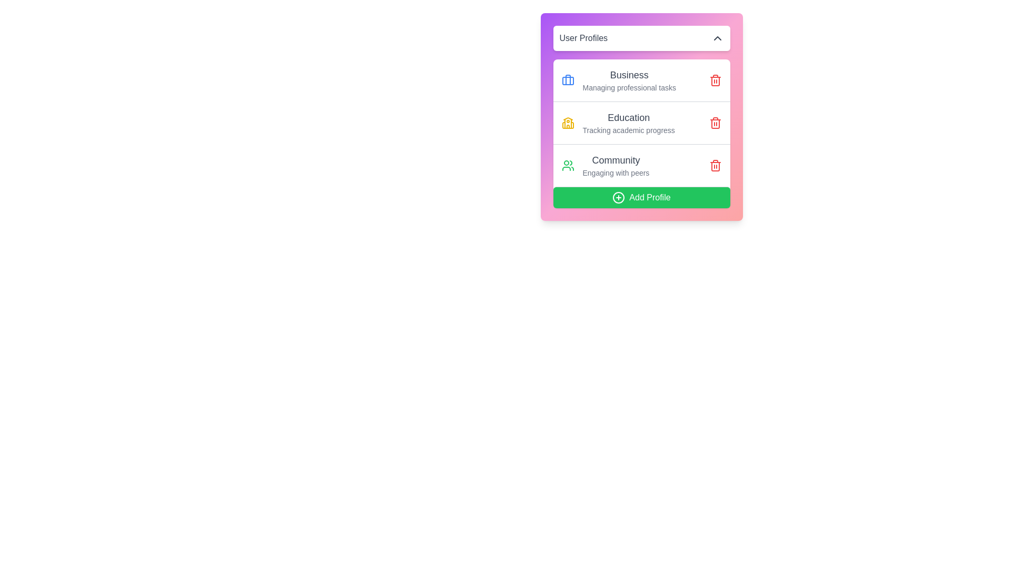 The image size is (1011, 568). I want to click on the text element indicating 'Managing professional tasks' in the Business category, which is positioned below a briefcase icon and above profiles named 'Education' and 'Community', so click(629, 80).